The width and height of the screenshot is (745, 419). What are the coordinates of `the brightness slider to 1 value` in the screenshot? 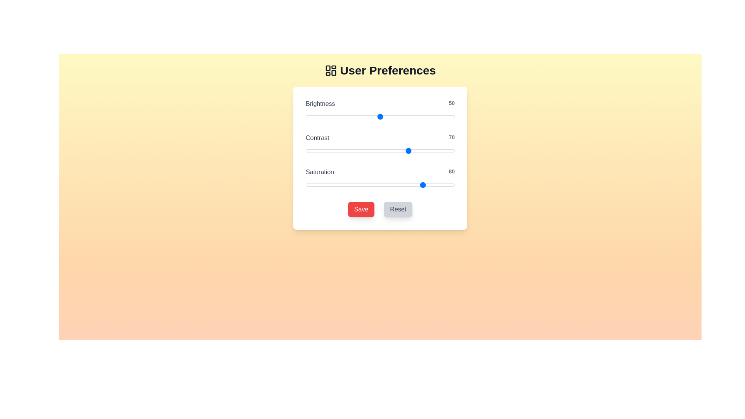 It's located at (307, 116).